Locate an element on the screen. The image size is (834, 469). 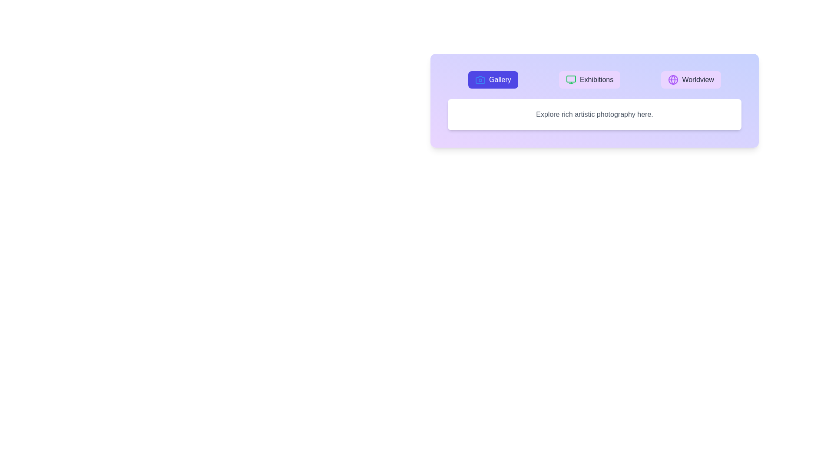
the Worldview tab button to see its hover effect is located at coordinates (691, 80).